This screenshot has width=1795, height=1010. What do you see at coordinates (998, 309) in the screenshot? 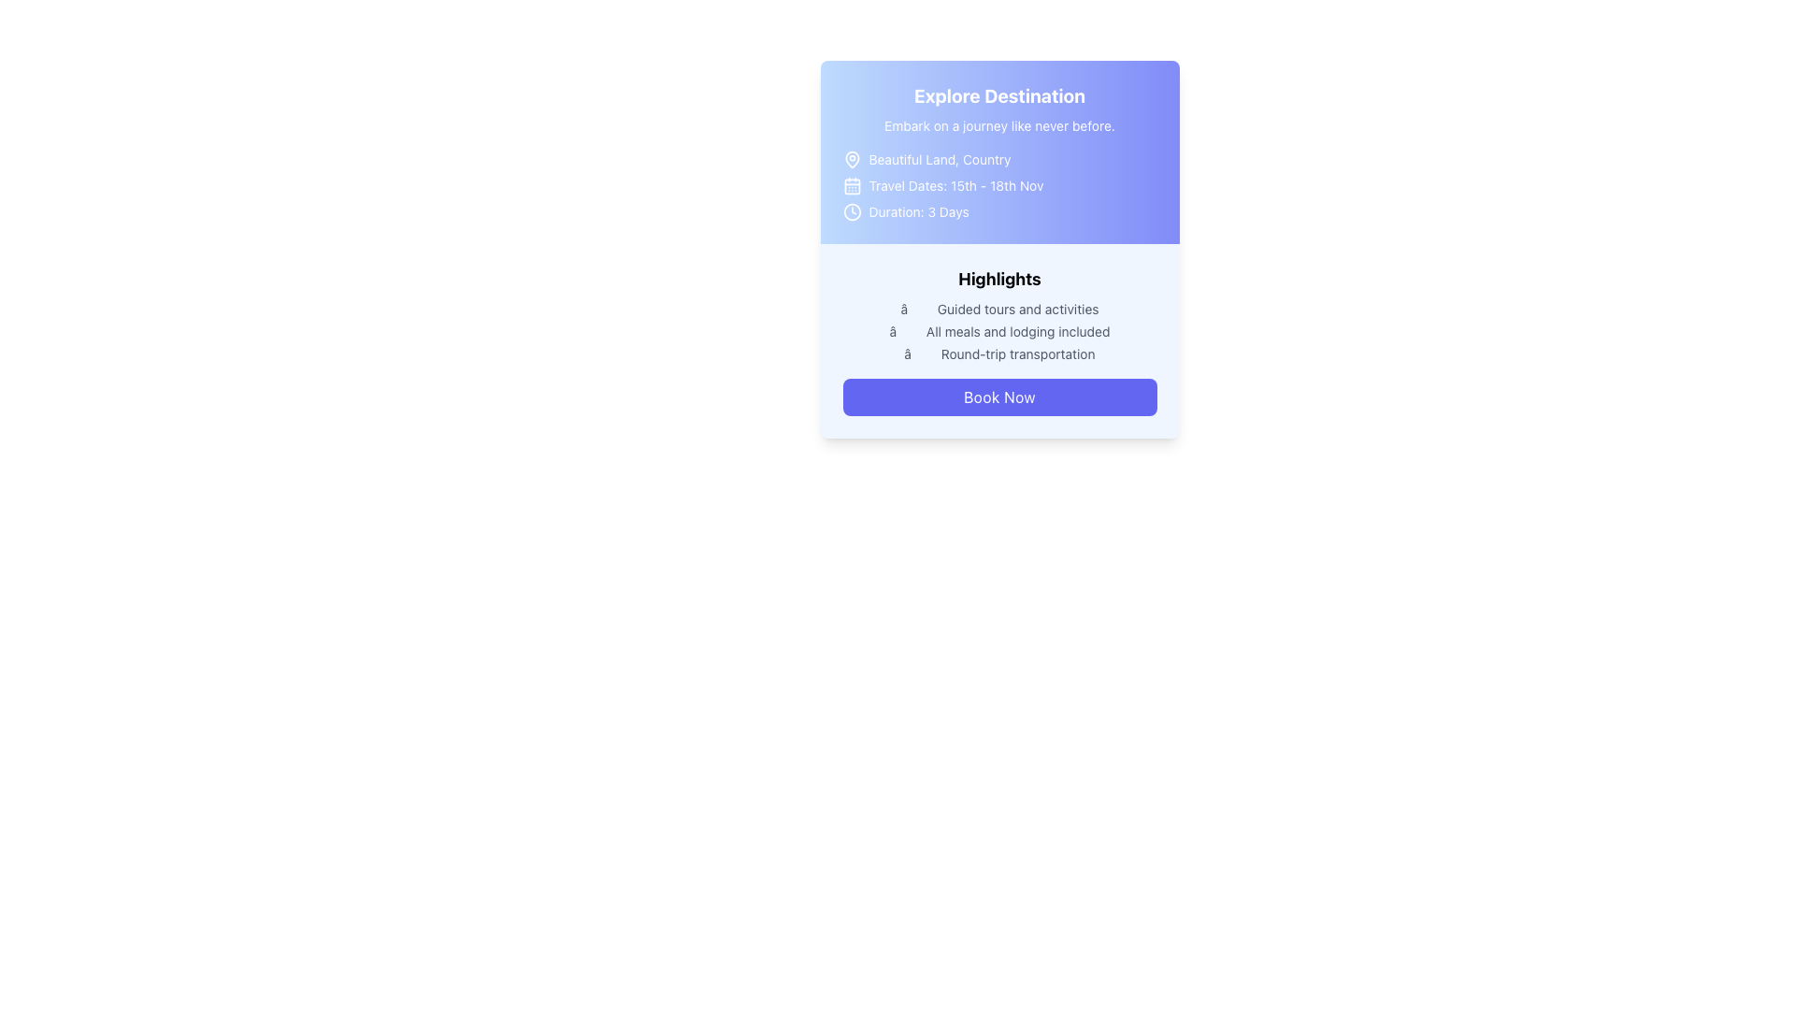
I see `the first list item under the 'Highlights' header, which provides information about a feature of the service or product, if it is interactive` at bounding box center [998, 309].